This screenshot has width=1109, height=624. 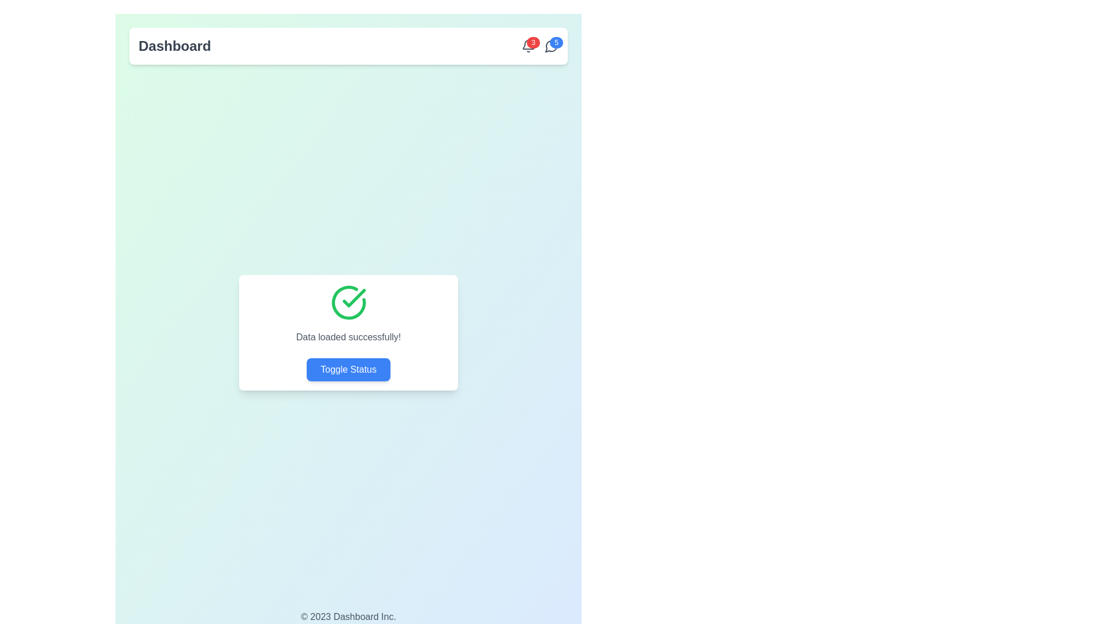 What do you see at coordinates (348, 302) in the screenshot?
I see `the Decorative icon that visually conveys a positive confirmation message, located above the text 'Data loaded successfully!' and the button labeled 'Toggle Status.'` at bounding box center [348, 302].